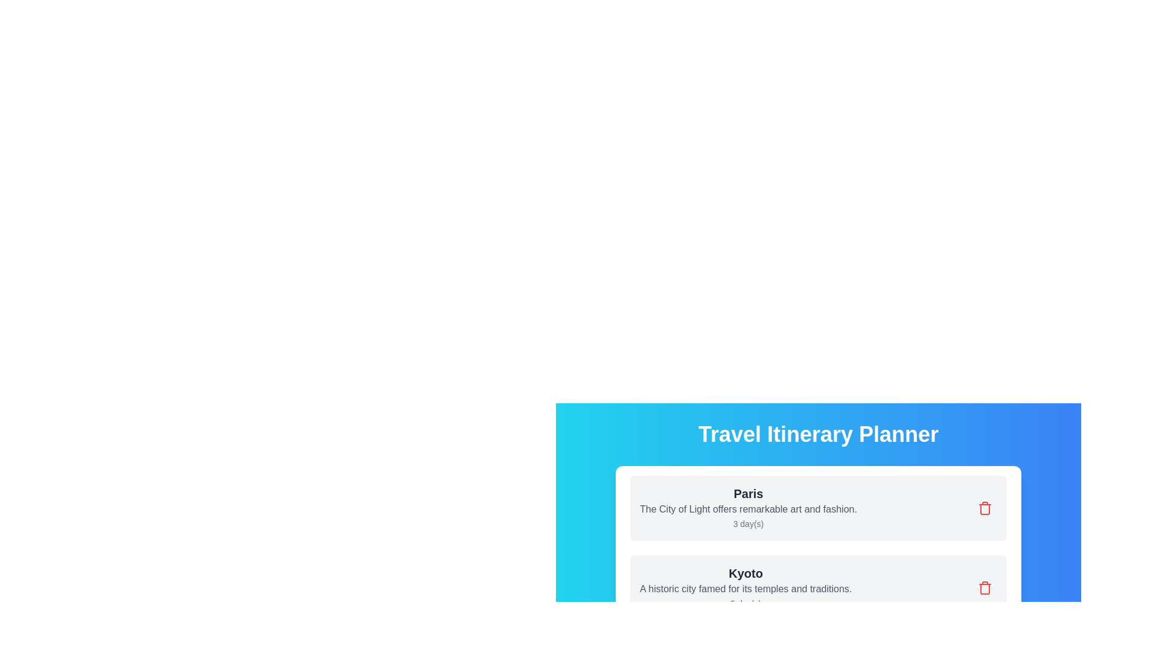 This screenshot has width=1159, height=652. I want to click on text label stating '5 day(s)' positioned within the card component describing the destination 'Kyoto', located below the description text about the city, so click(745, 603).